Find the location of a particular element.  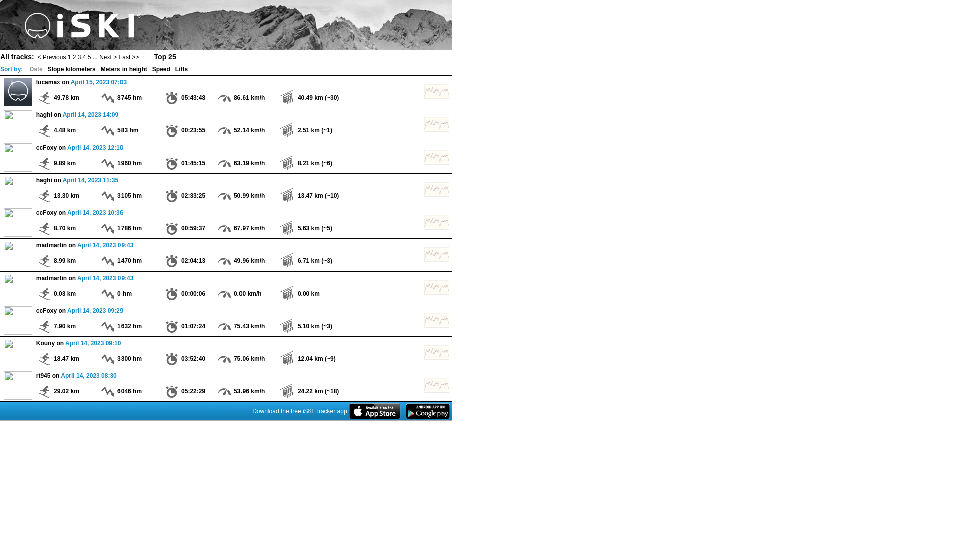

'Next >' is located at coordinates (99, 56).